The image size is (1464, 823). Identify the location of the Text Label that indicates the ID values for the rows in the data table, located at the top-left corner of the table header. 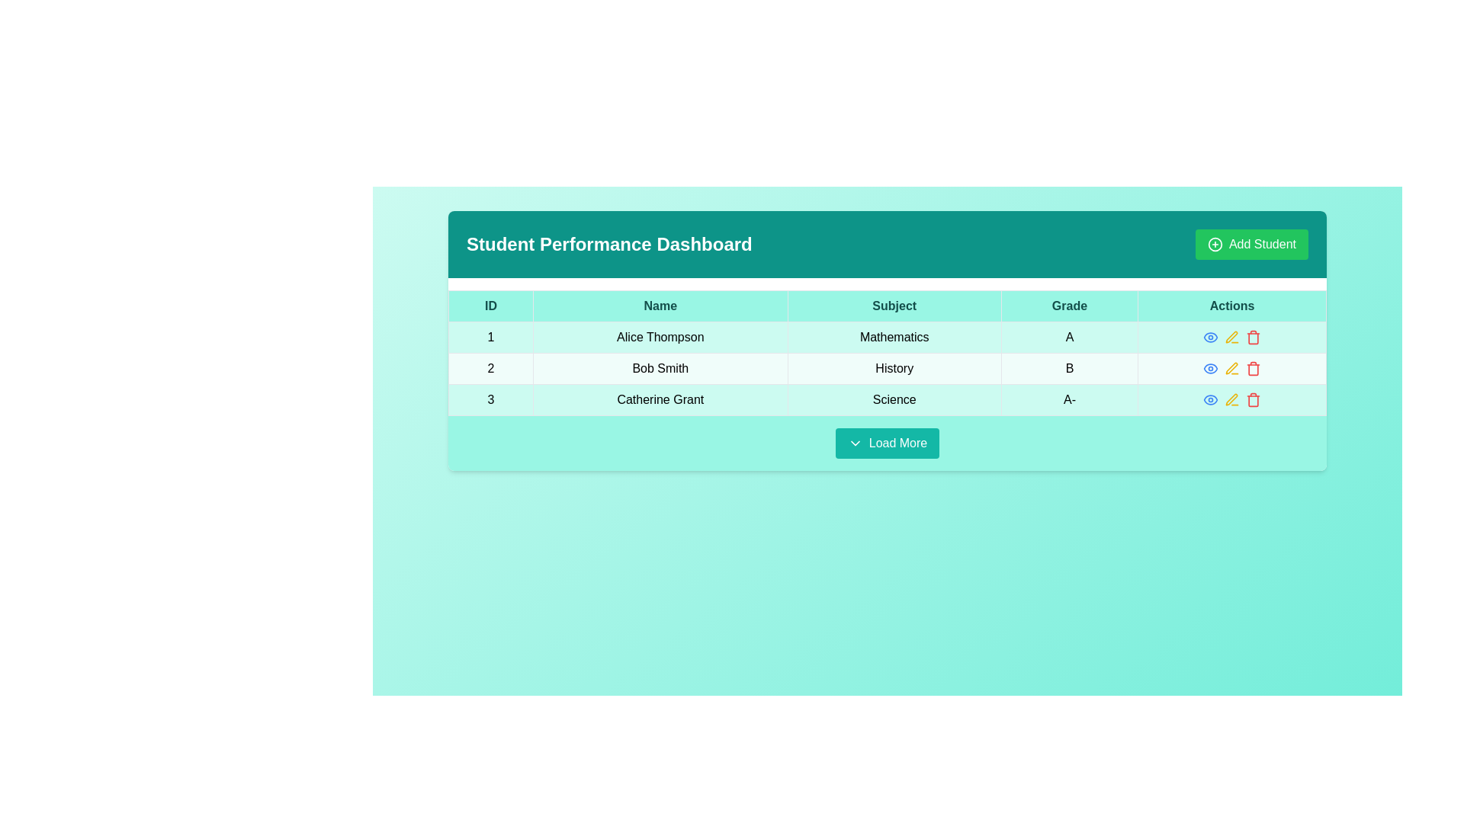
(490, 306).